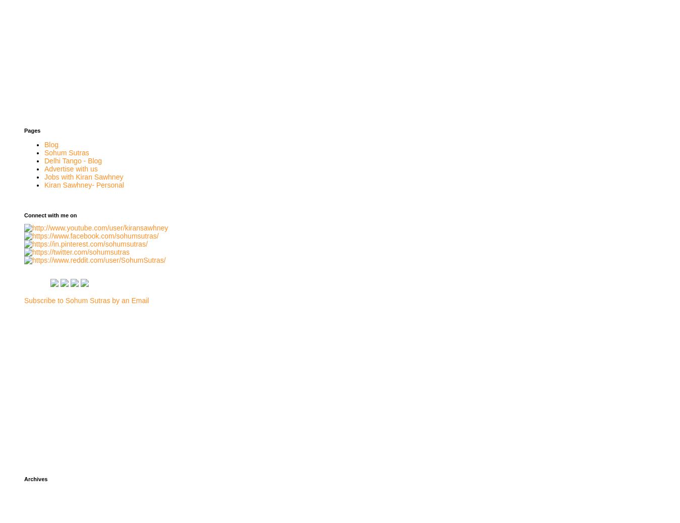 The width and height of the screenshot is (680, 523). Describe the element at coordinates (73, 160) in the screenshot. I see `'Delhi Tango - Blog'` at that location.